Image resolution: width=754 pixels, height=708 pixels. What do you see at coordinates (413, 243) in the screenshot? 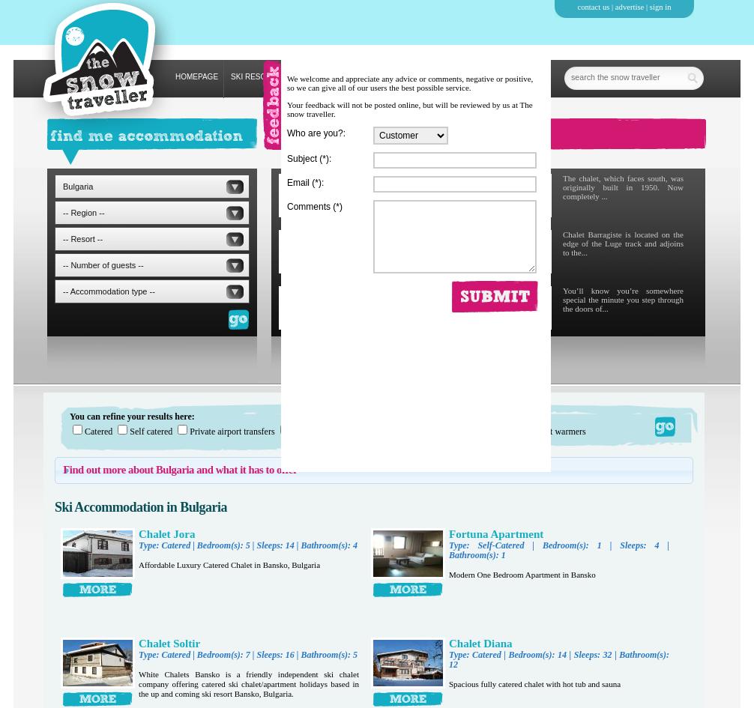
I see `'Chalet Apartments are in the heart centre of the charming, historic and pictu...'` at bounding box center [413, 243].